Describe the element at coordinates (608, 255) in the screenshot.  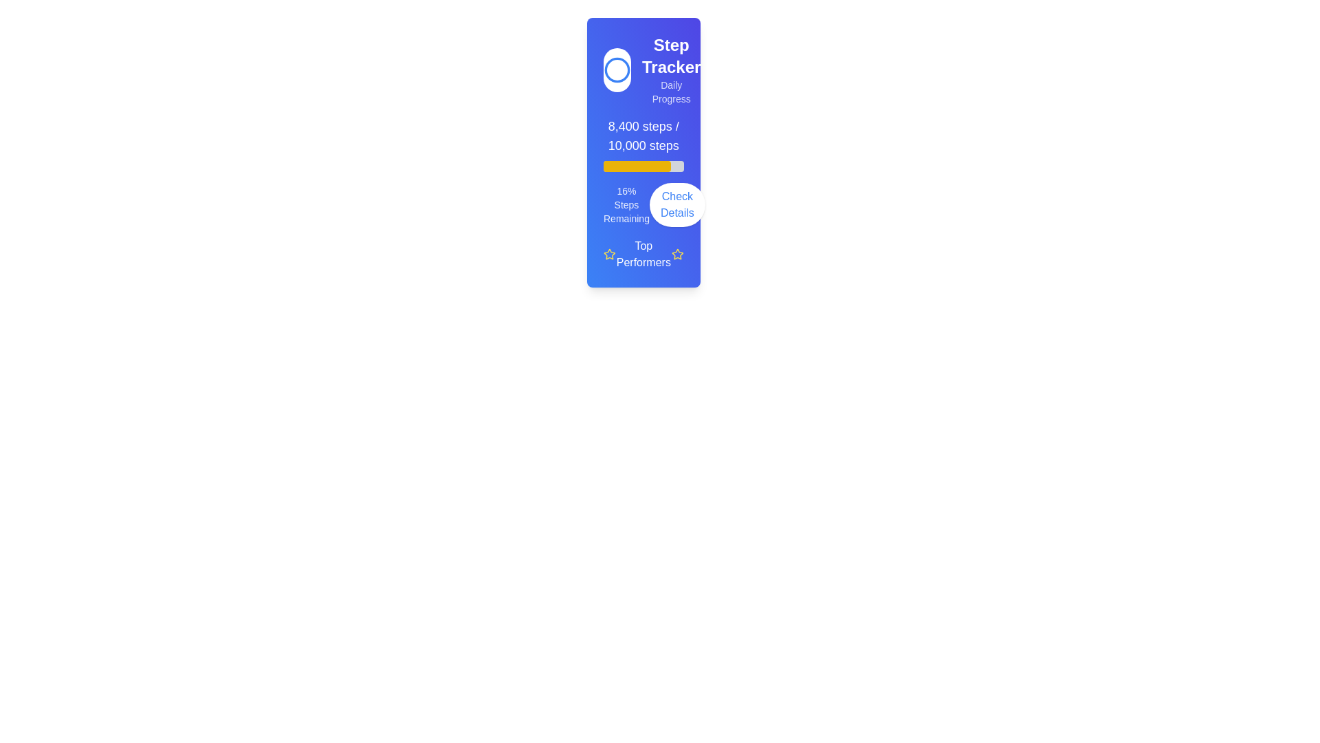
I see `the leftmost star icon in the 'Top Performers' section, which serves as a visual indicator for ratings` at that location.